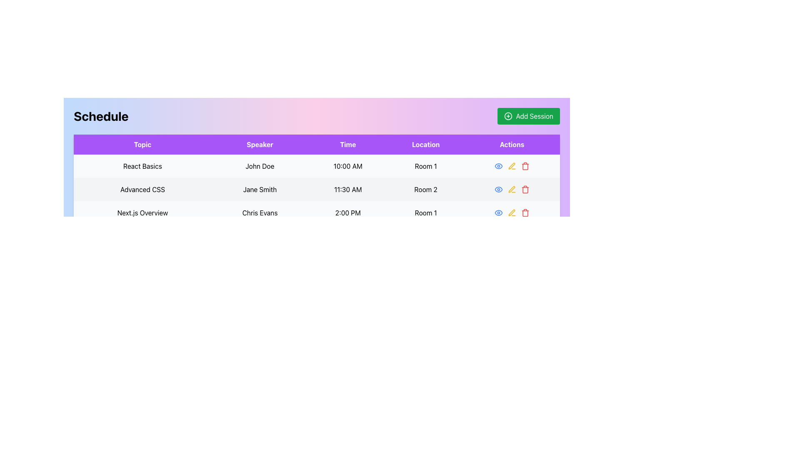  What do you see at coordinates (511, 212) in the screenshot?
I see `the delete button represented by a trash can icon located in the third column from the right in the row associated with 'Next.js Overview'` at bounding box center [511, 212].